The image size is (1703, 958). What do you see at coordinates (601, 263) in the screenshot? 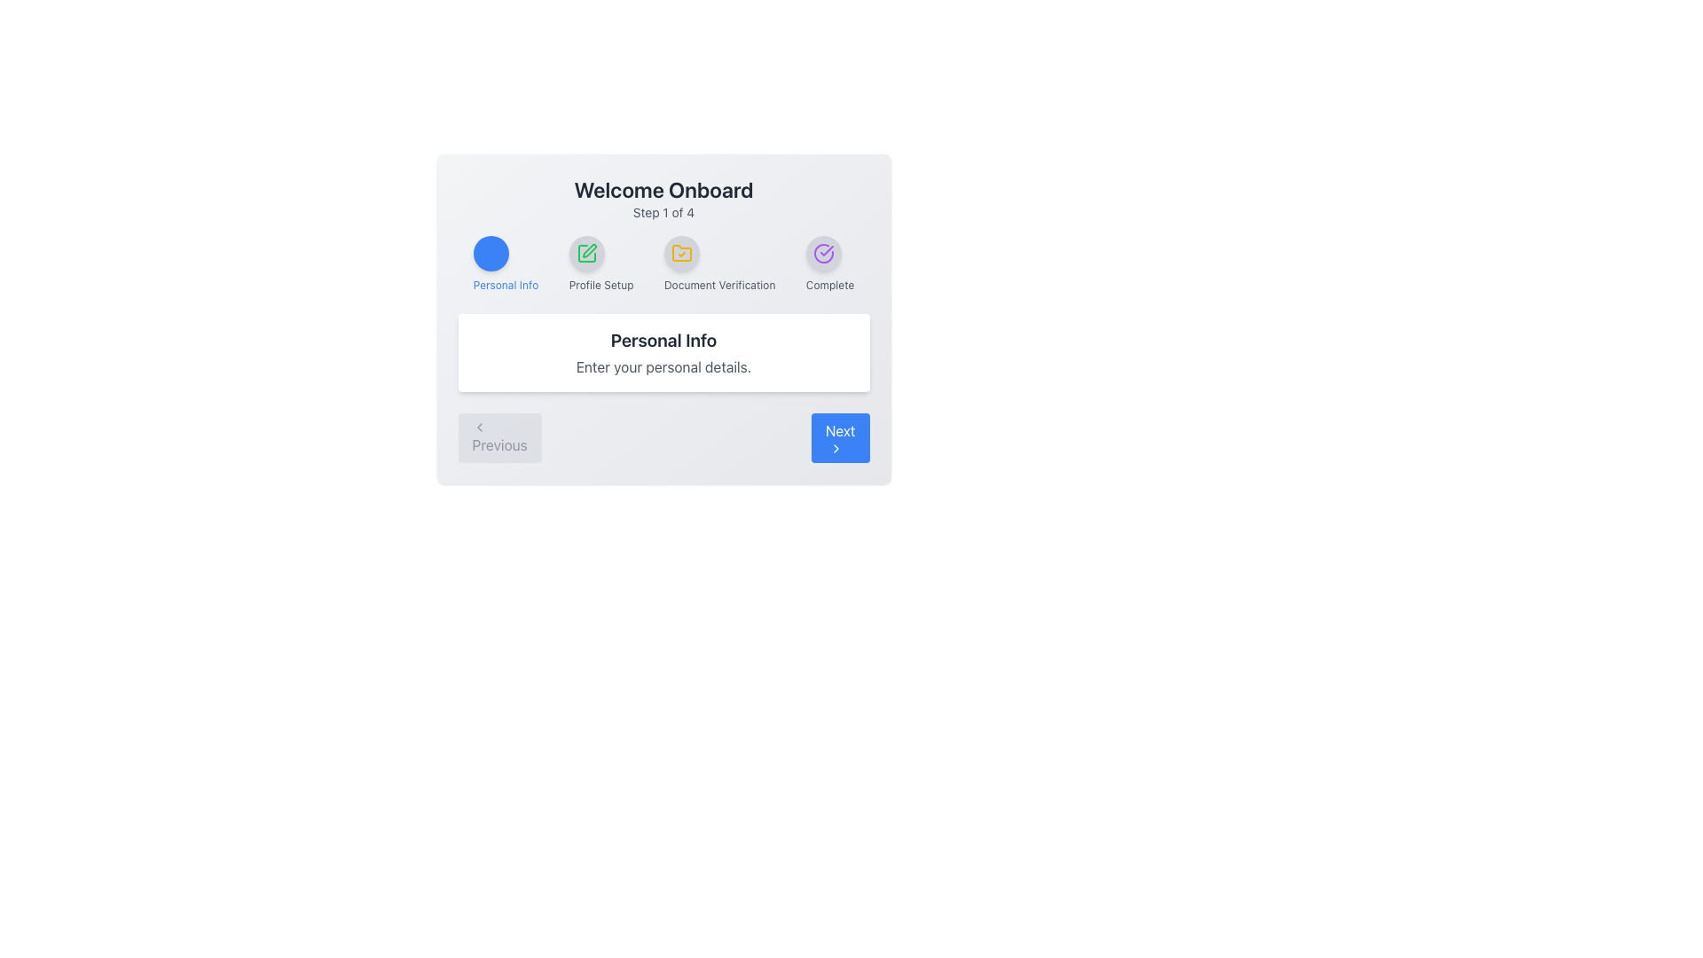
I see `the second status indicator for the 'Profile Setup' stage in the multi-step process` at bounding box center [601, 263].